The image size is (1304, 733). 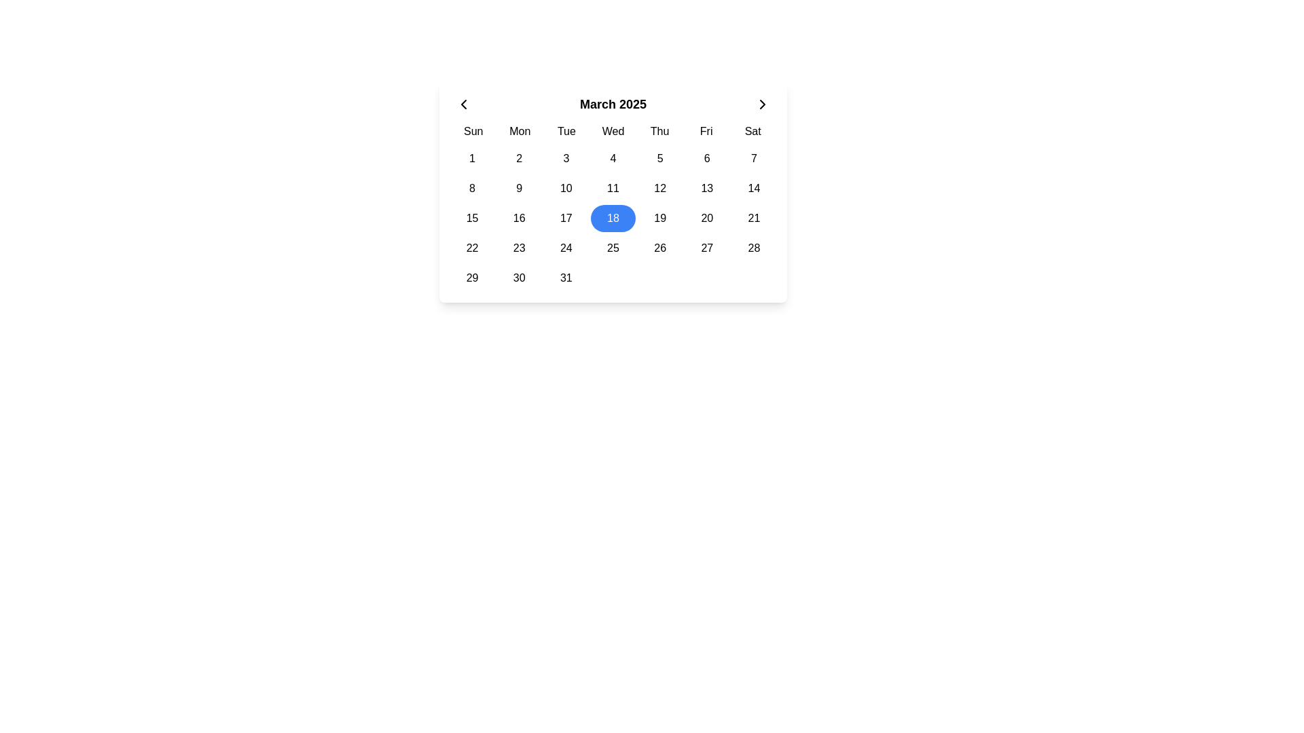 I want to click on the interactive button representing the 15th day of the month in the calendar widget, so click(x=472, y=217).